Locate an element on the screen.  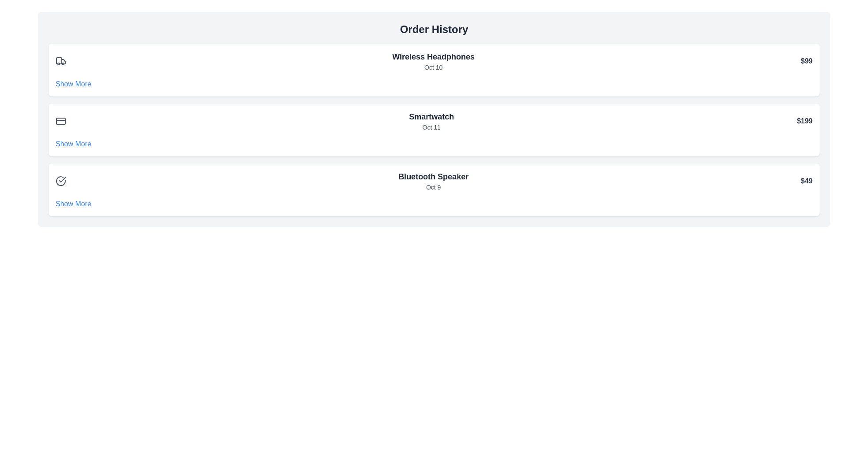
the truck icon with a gray outline, located in the row for 'Wireless Headphones' dated 'Oct 10' and priced at '$99' is located at coordinates (60, 60).